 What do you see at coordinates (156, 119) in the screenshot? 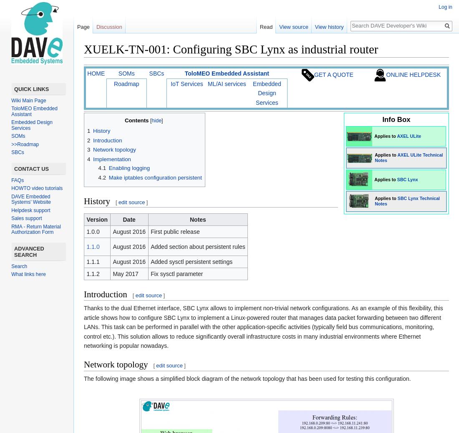
I see `'hide'` at bounding box center [156, 119].